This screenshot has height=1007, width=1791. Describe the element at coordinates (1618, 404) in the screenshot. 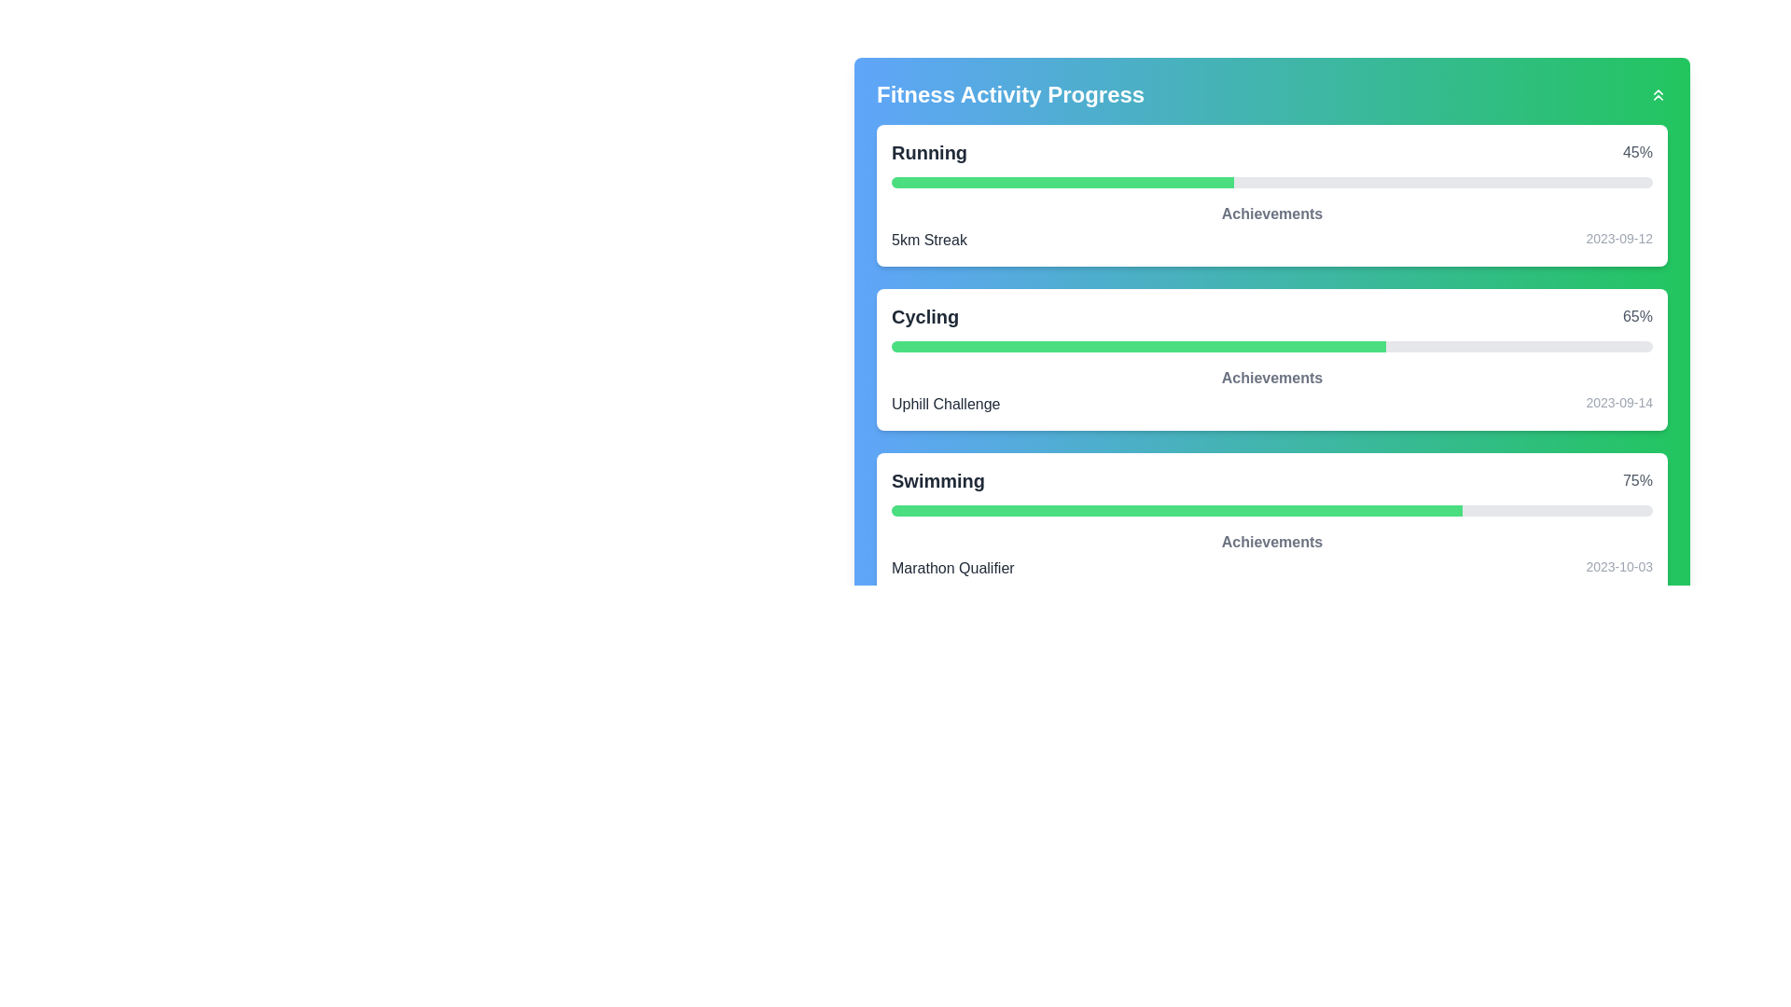

I see `the text displaying the date '2023-09-14' located in the bottom-right area of the card under the 'Cycling' section for additional information` at that location.